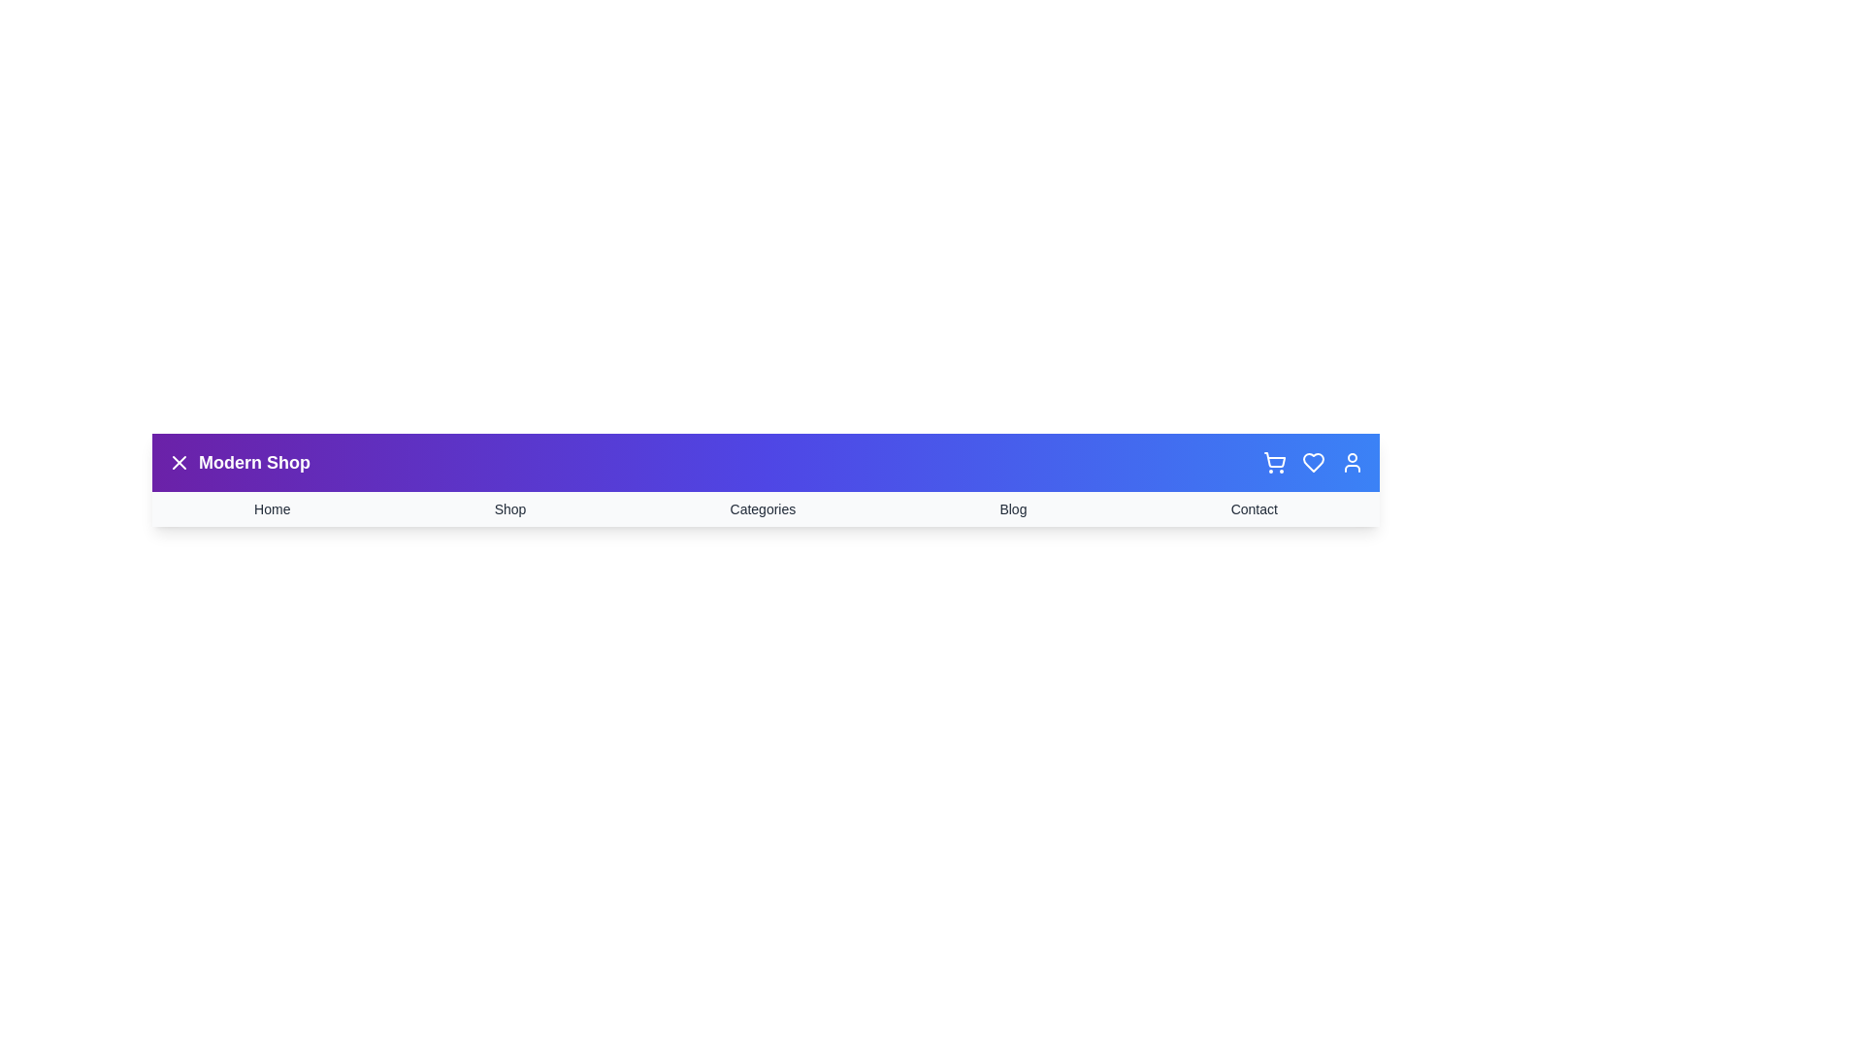 The image size is (1863, 1048). What do you see at coordinates (510, 508) in the screenshot?
I see `the Shop menu item in the navigation bar` at bounding box center [510, 508].